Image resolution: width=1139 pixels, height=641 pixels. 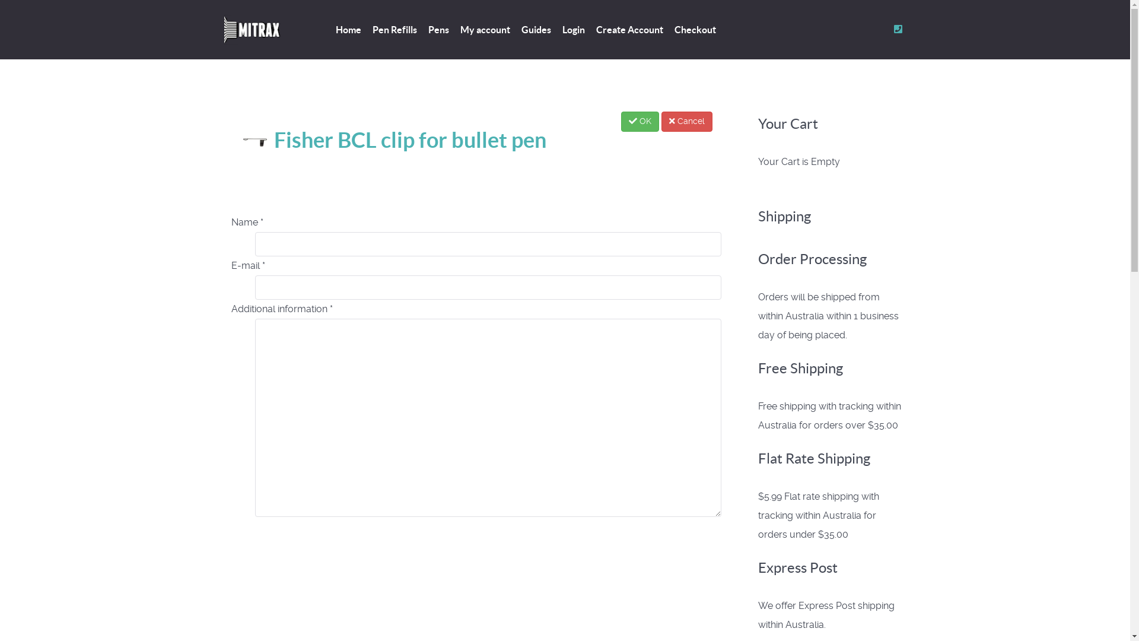 I want to click on 'Create Account', so click(x=628, y=30).